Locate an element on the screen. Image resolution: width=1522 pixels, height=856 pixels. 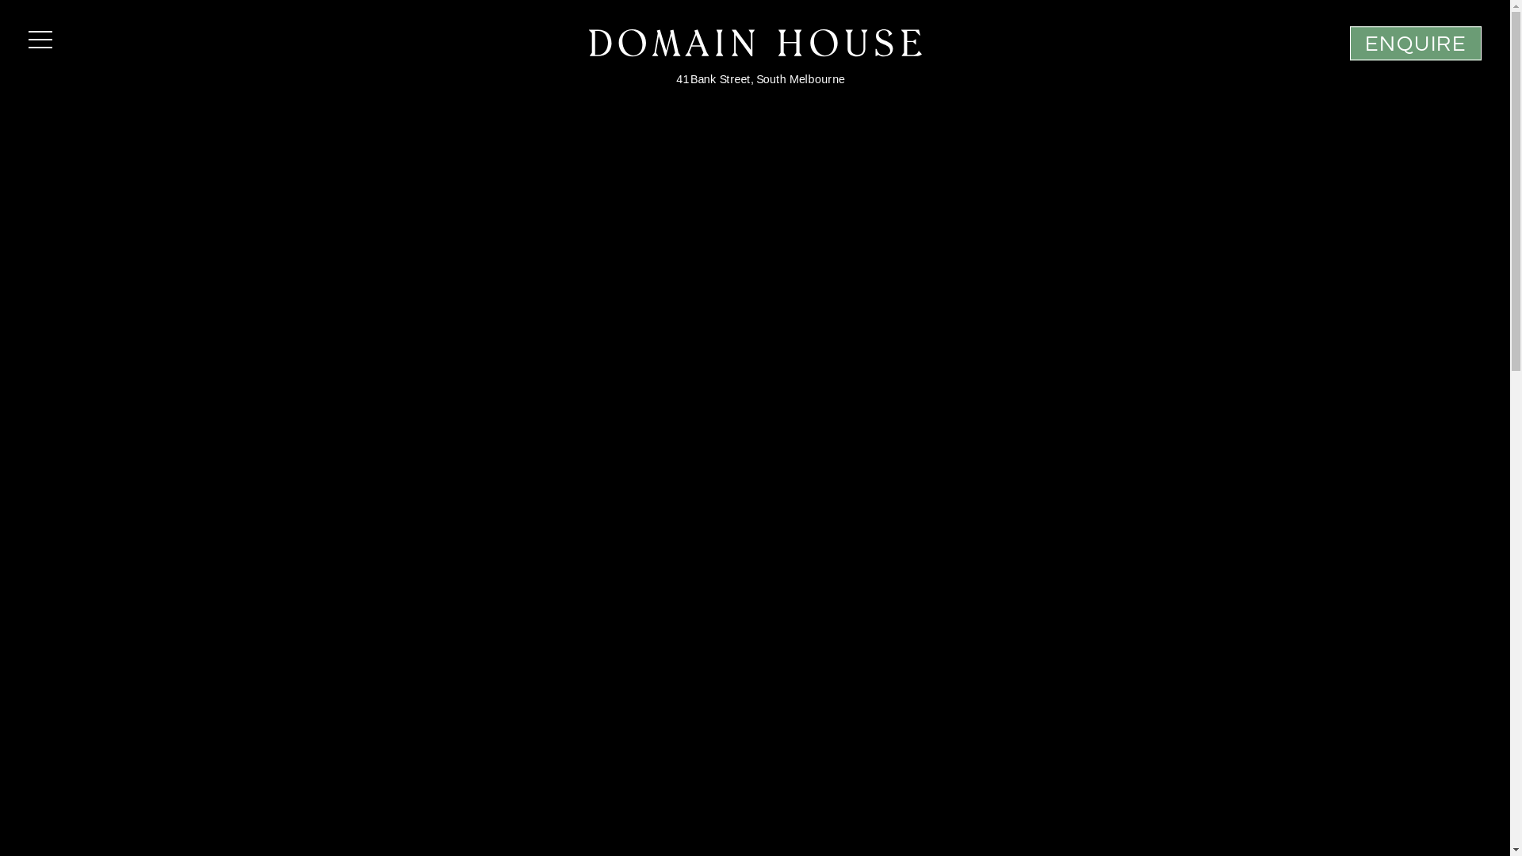
'ENQUIRE' is located at coordinates (1415, 42).